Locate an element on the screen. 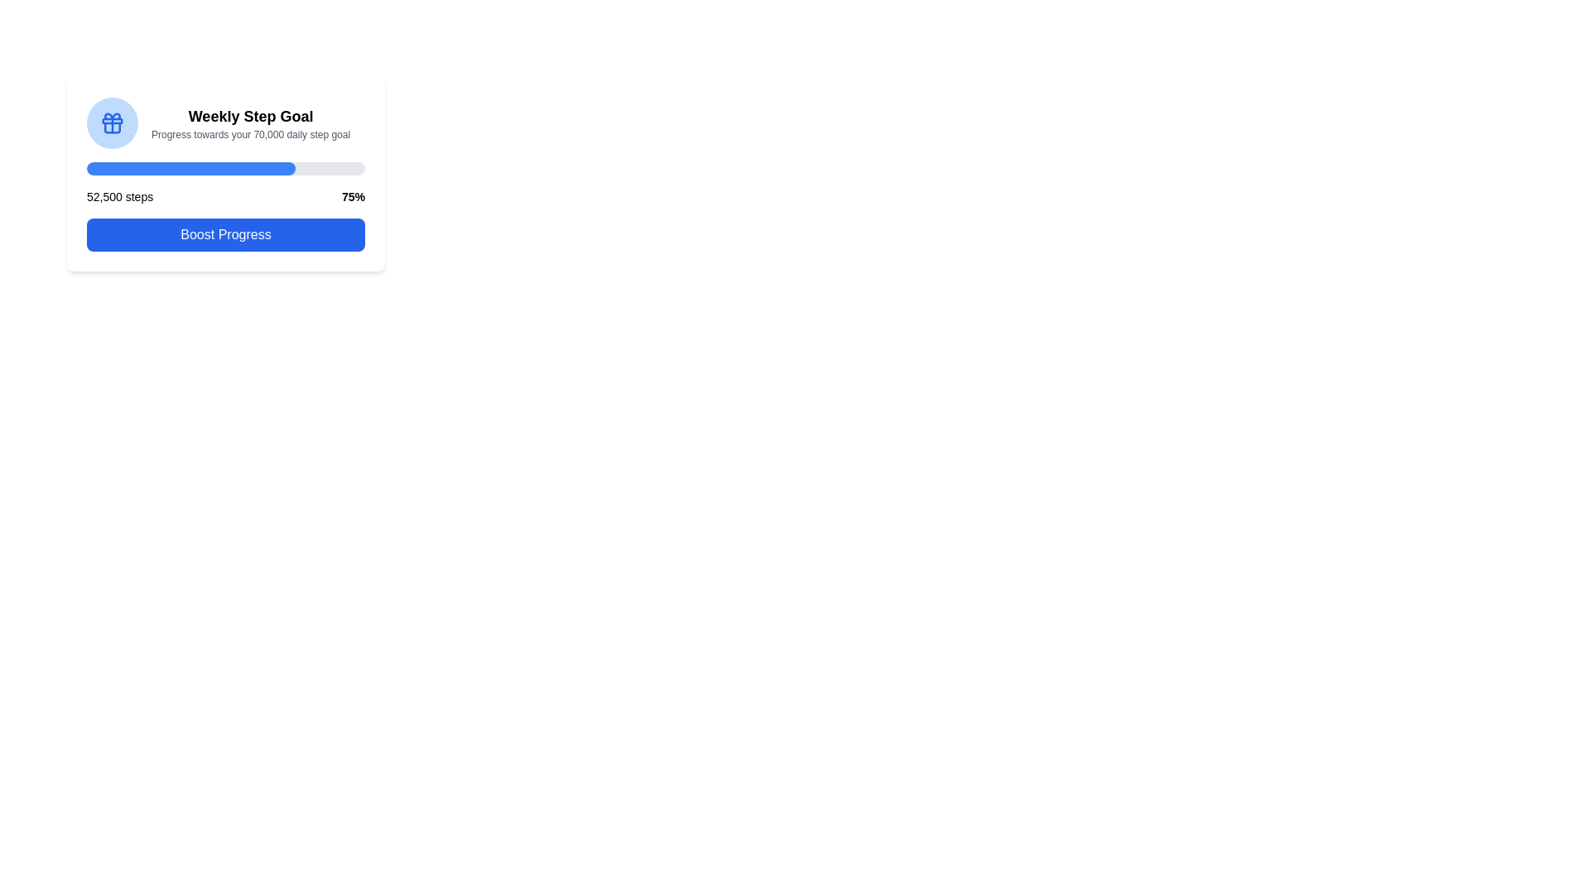  the interactive button at the bottom of the progress display component to boost progress towards the weekly step goal is located at coordinates (225, 175).